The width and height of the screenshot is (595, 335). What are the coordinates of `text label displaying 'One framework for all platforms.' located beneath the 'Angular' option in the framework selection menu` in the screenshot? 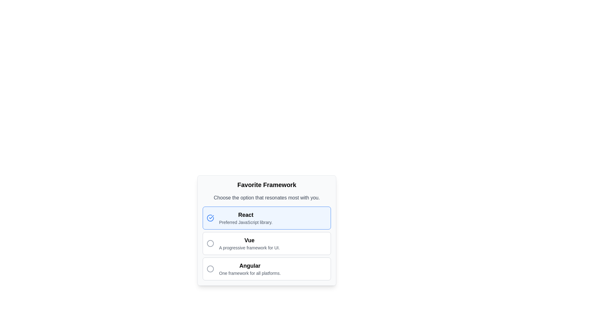 It's located at (250, 273).